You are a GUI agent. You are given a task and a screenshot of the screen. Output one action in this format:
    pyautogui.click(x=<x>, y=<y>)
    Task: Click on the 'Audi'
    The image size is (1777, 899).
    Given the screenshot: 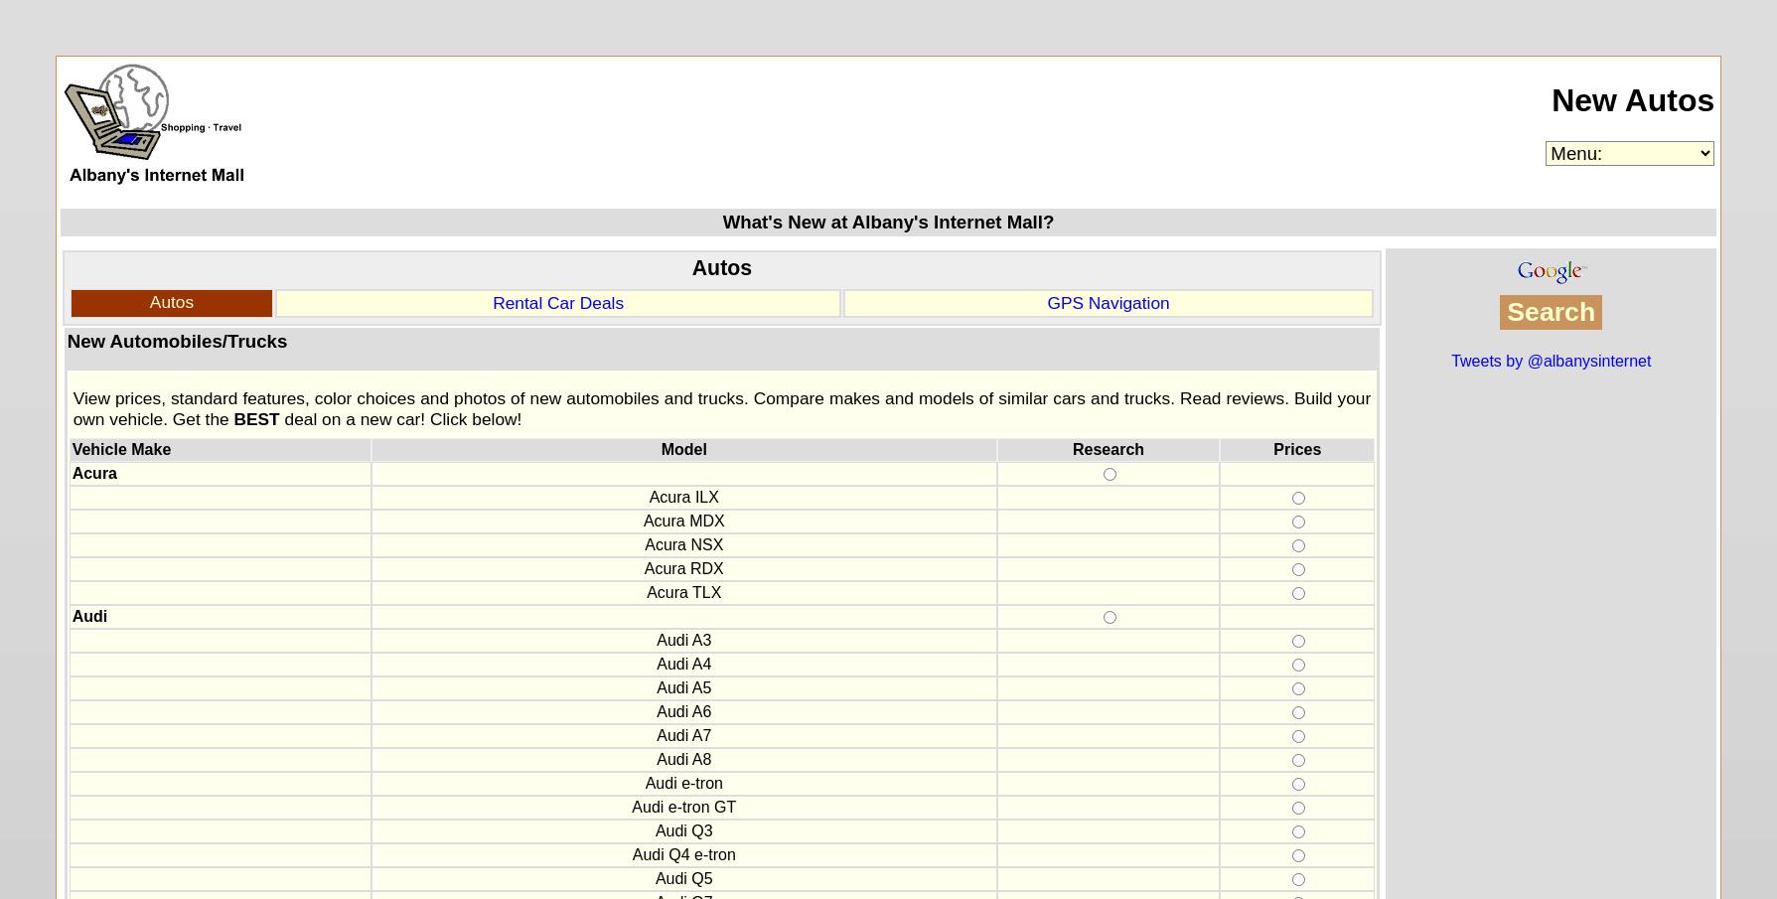 What is the action you would take?
    pyautogui.click(x=71, y=615)
    